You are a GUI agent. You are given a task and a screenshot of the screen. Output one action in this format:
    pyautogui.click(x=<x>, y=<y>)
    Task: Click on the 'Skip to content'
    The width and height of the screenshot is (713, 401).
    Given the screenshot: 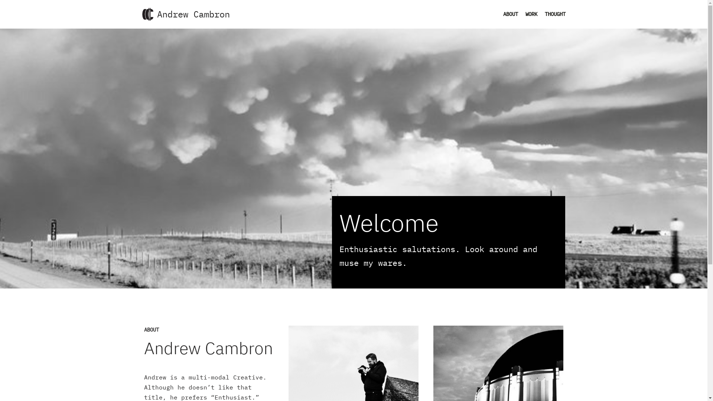 What is the action you would take?
    pyautogui.click(x=5, y=16)
    